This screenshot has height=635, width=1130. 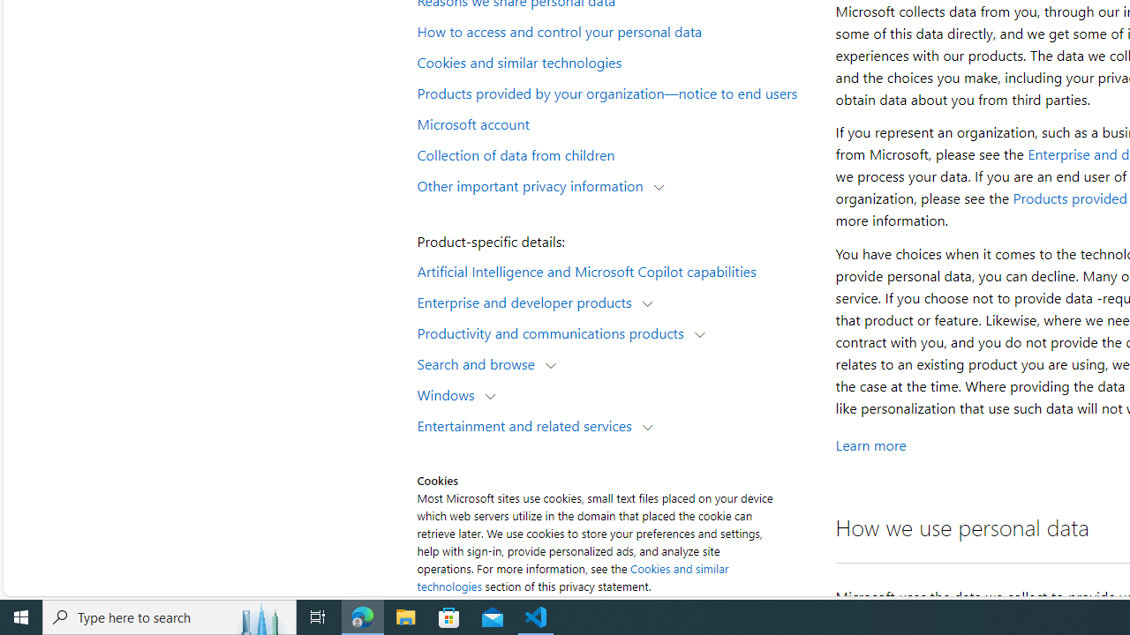 I want to click on 'Windows', so click(x=450, y=393).